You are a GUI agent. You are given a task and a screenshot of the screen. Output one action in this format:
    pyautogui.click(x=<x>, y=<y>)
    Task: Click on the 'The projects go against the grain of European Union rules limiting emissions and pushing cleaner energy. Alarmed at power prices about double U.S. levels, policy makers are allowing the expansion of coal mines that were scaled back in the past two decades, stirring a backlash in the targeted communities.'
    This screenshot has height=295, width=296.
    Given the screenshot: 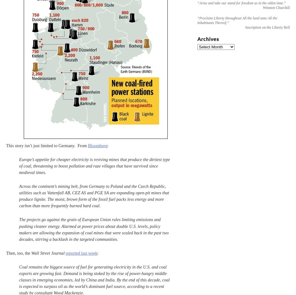 What is the action you would take?
    pyautogui.click(x=94, y=229)
    